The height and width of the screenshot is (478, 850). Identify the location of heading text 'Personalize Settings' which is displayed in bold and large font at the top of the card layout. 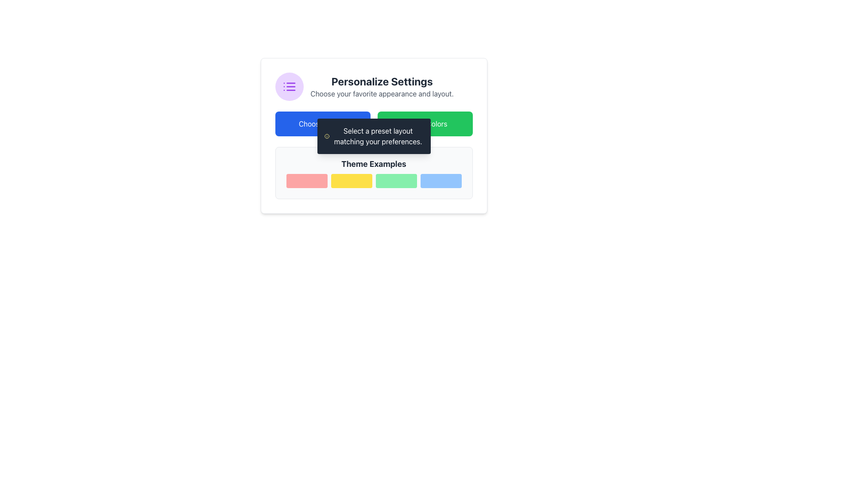
(382, 81).